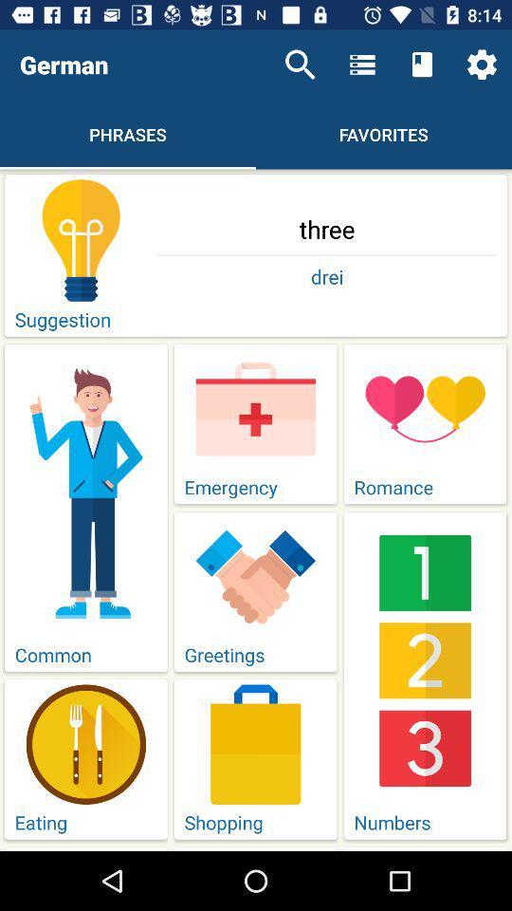  I want to click on item above the favorites icon, so click(422, 65).